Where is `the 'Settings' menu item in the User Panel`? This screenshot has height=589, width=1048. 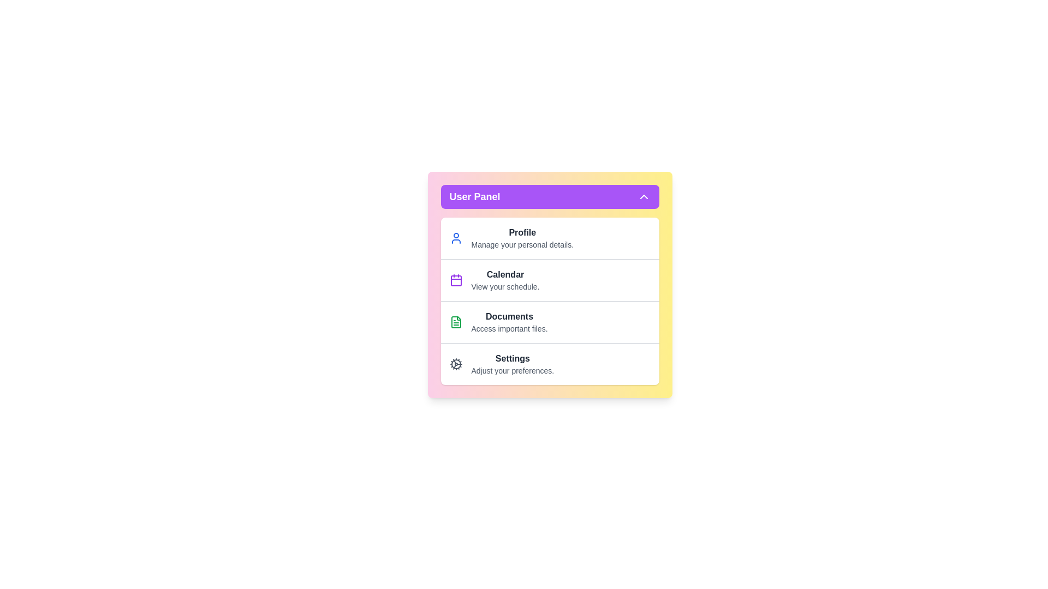
the 'Settings' menu item in the User Panel is located at coordinates (550, 364).